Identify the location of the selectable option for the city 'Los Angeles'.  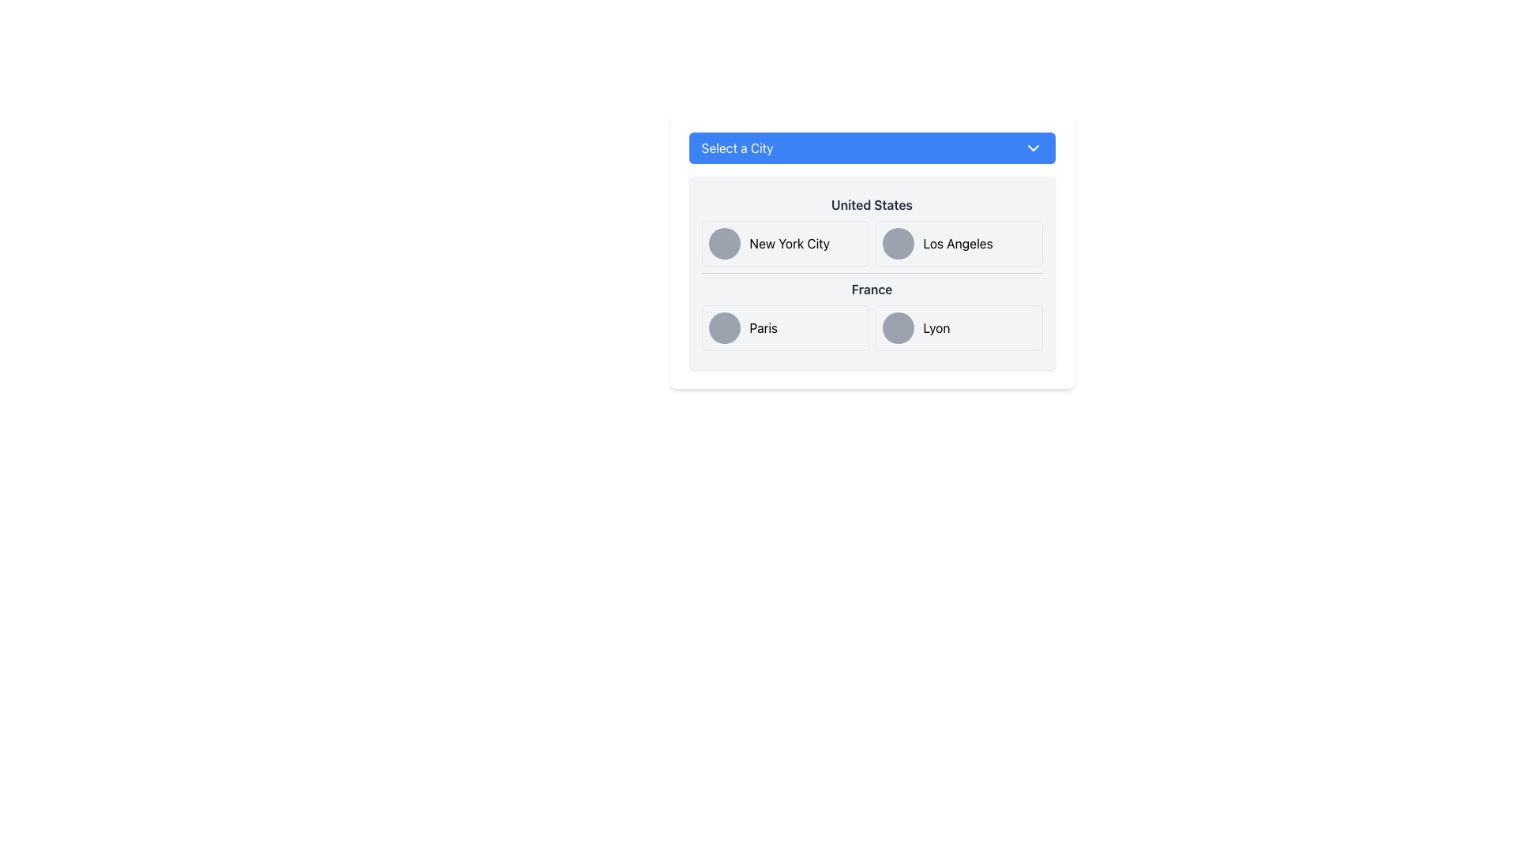
(958, 243).